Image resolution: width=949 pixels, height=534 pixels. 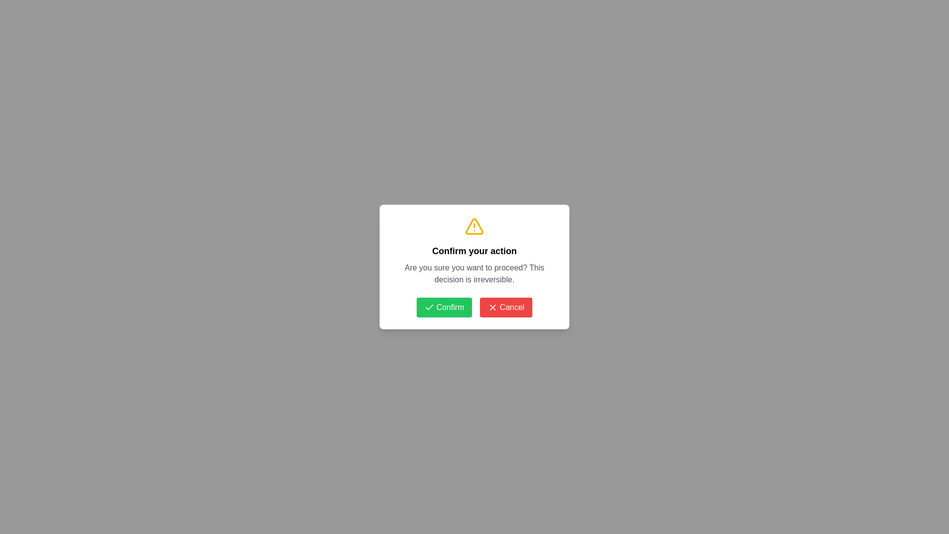 I want to click on the static text element that reads 'Confirm your action', which is styled with a large font size and bold weight, located near the top of the dialog box, so click(x=474, y=251).